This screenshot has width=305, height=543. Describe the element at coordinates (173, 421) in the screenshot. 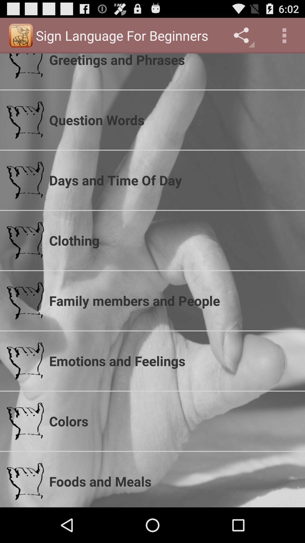

I see `the colors icon` at that location.